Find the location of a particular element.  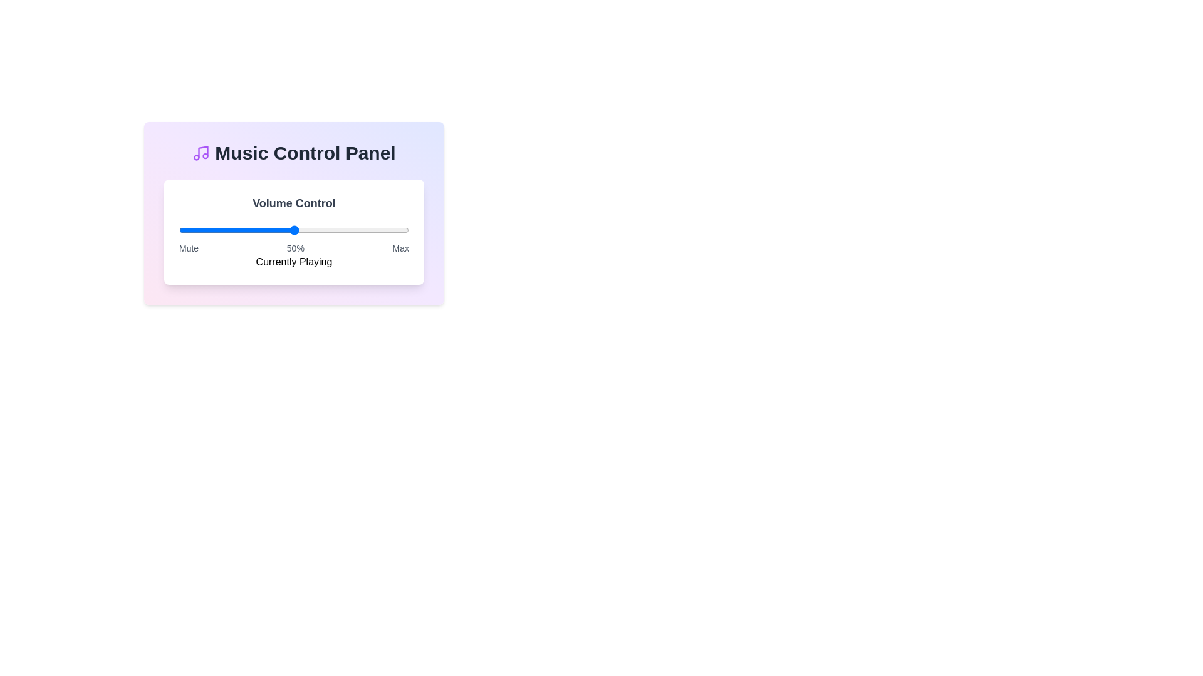

the volume slider to 14% level is located at coordinates (211, 230).